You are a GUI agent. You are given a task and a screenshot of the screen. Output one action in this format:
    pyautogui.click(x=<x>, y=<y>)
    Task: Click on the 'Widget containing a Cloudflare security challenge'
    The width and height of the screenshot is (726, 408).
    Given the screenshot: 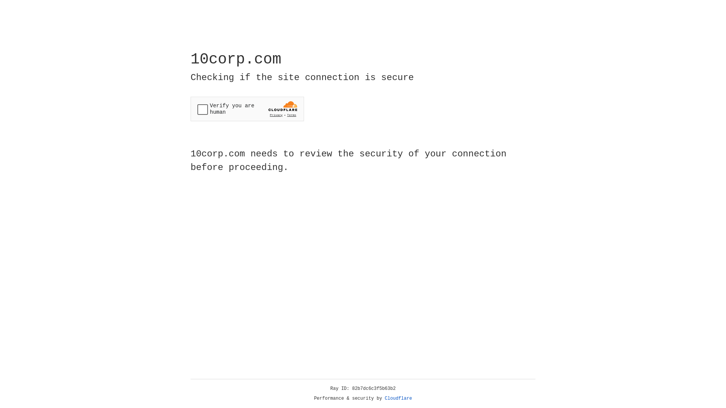 What is the action you would take?
    pyautogui.click(x=247, y=109)
    